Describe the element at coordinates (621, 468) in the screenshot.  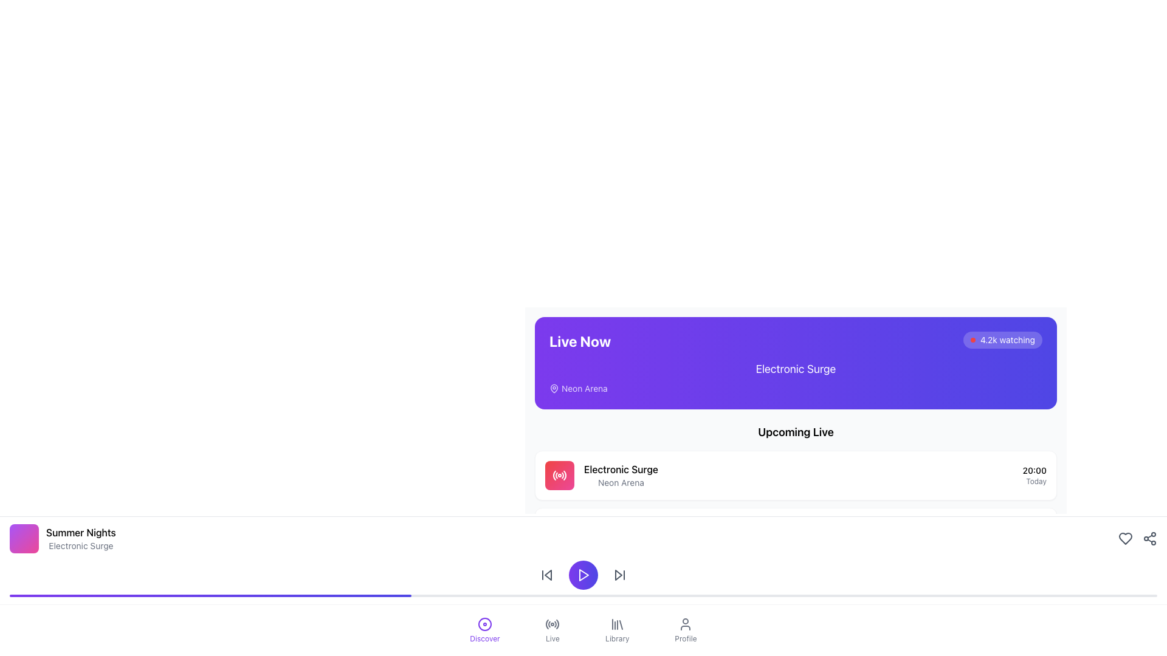
I see `'Electronic Surge' text label, which is styled with medium font weight and located below the 'Live Now' purple banner, for debugging purposes` at that location.